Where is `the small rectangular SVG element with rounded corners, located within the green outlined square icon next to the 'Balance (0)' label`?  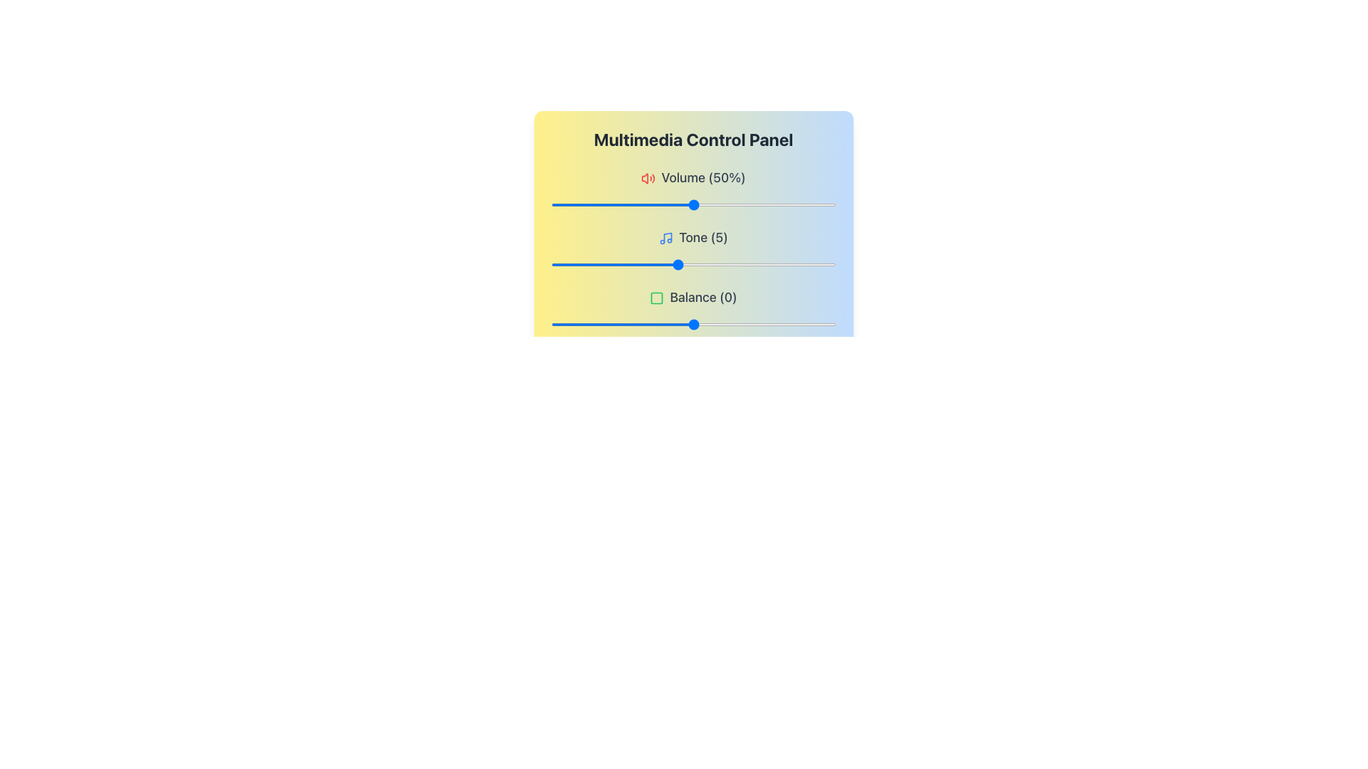 the small rectangular SVG element with rounded corners, located within the green outlined square icon next to the 'Balance (0)' label is located at coordinates (656, 298).